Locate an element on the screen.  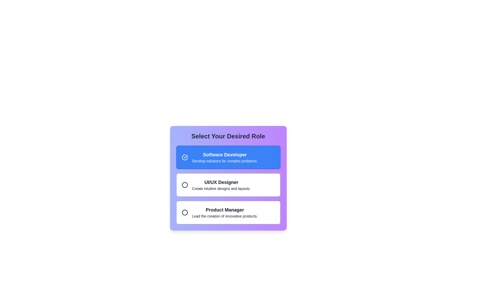
the prominently styled header text that reads 'Select Your Desired Role', which is located at the top of the selection card interface is located at coordinates (228, 136).